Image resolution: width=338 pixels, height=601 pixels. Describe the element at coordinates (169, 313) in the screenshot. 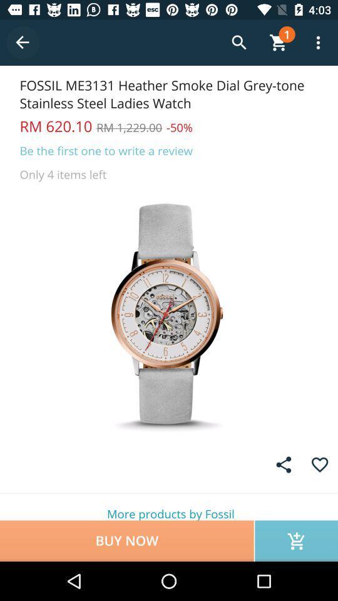

I see `watch` at that location.